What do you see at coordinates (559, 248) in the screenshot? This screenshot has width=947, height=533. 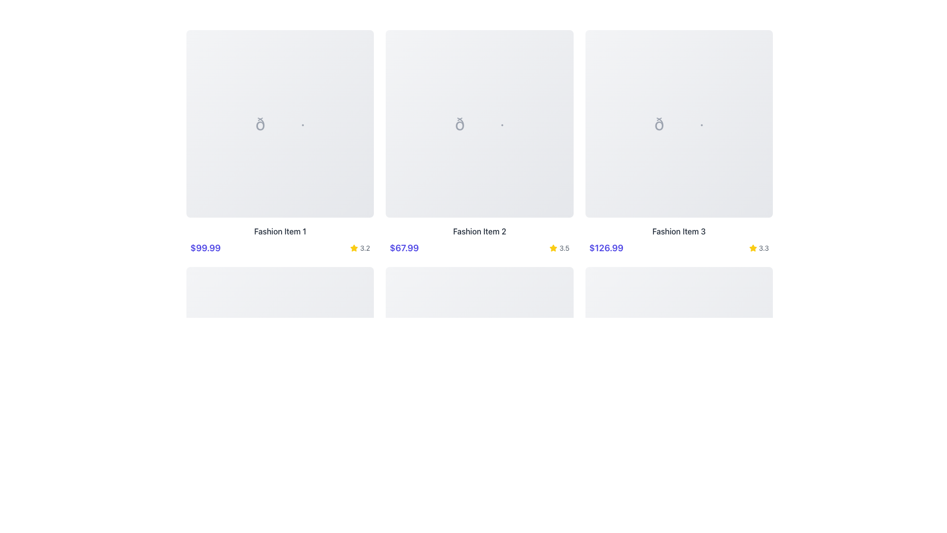 I see `the rating text element that displays the score out of five for the associated fashion item, located in the center of the second column, aligned with the price '$67.99' and below the image of the second fashion item` at bounding box center [559, 248].